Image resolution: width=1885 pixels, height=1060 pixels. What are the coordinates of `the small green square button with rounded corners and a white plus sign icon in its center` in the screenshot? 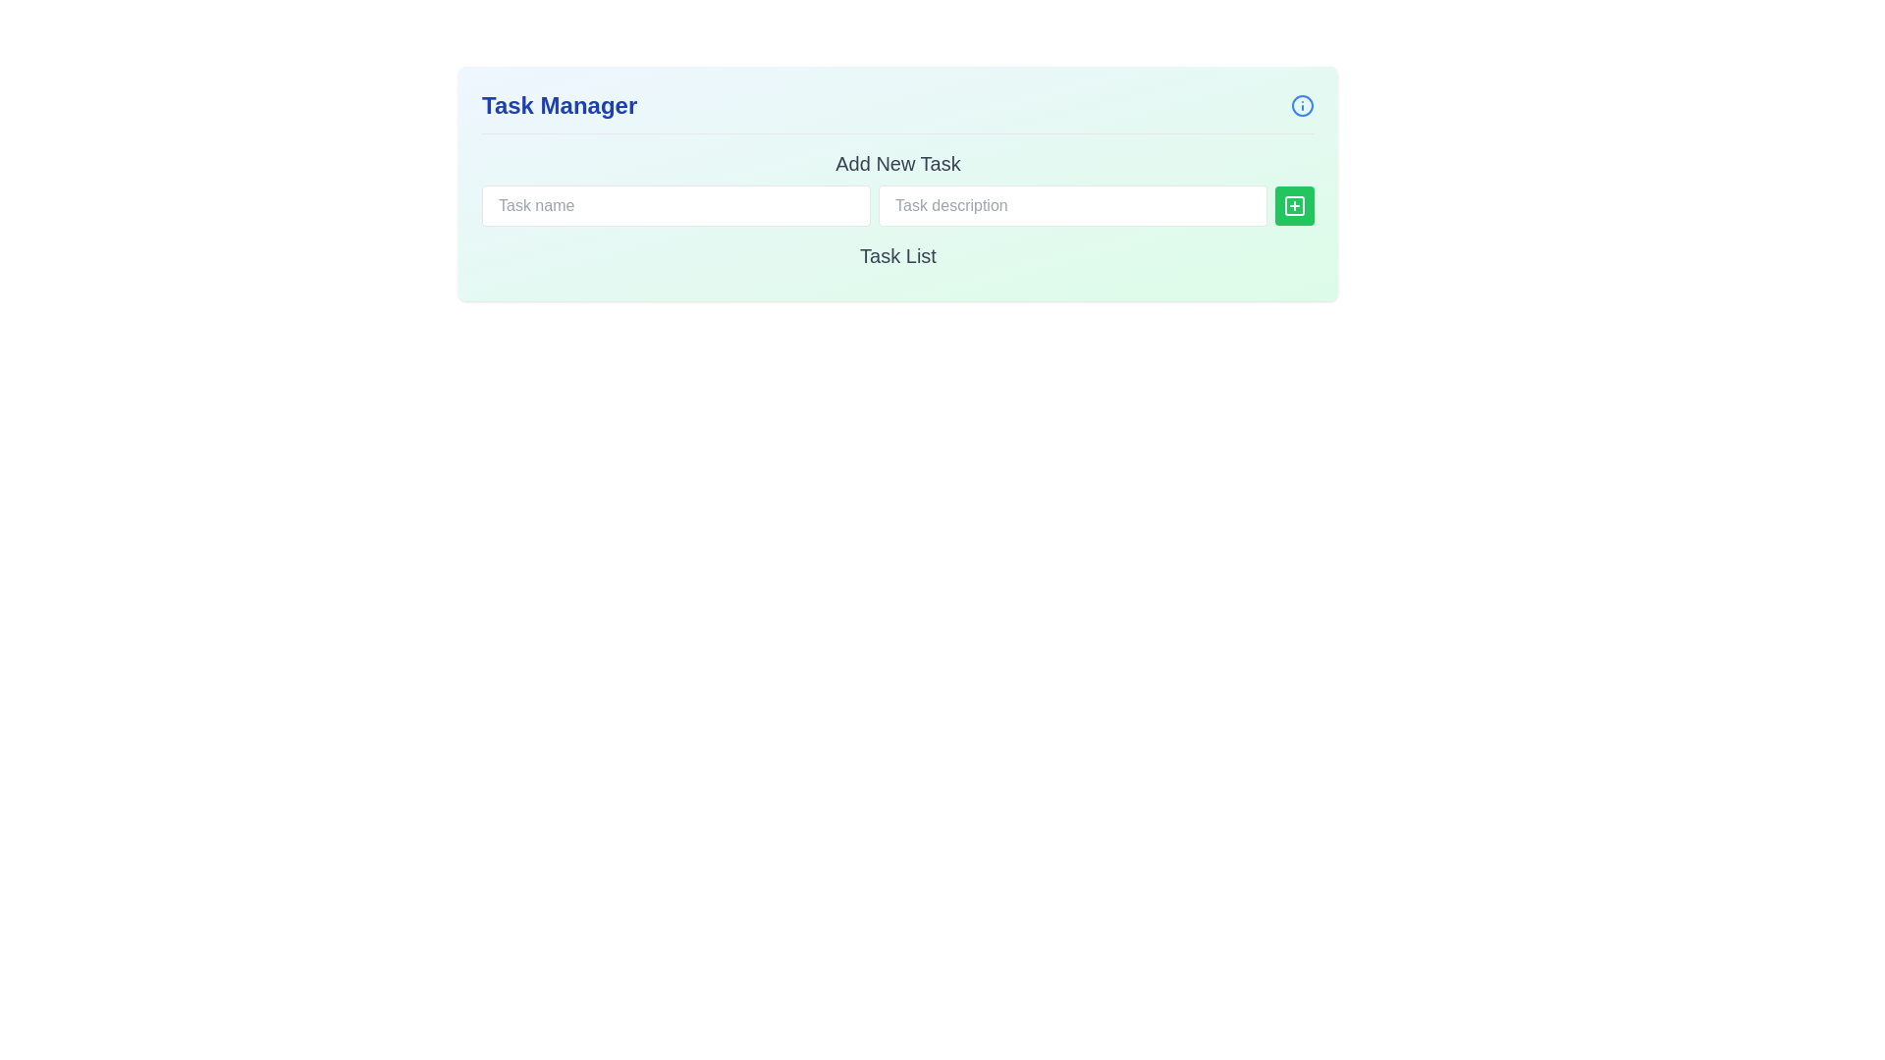 It's located at (1295, 205).